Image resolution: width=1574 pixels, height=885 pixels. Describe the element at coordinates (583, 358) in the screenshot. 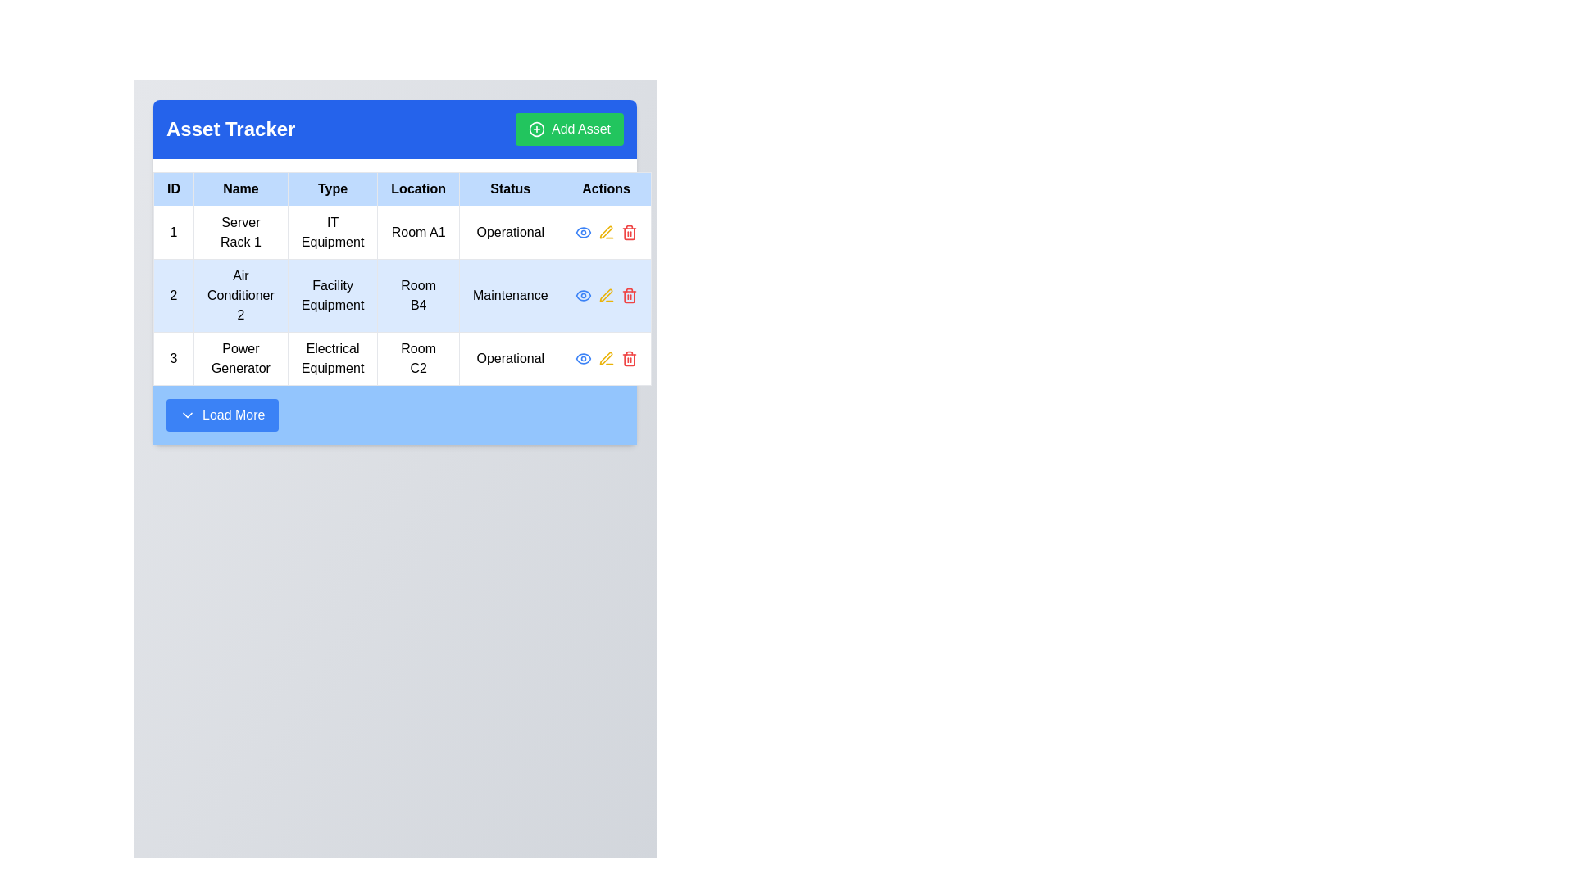

I see `the button for 'Server Rack 1' to observe a style change, which is positioned in the first row of the action column adjacent to the text 'Operational'` at that location.